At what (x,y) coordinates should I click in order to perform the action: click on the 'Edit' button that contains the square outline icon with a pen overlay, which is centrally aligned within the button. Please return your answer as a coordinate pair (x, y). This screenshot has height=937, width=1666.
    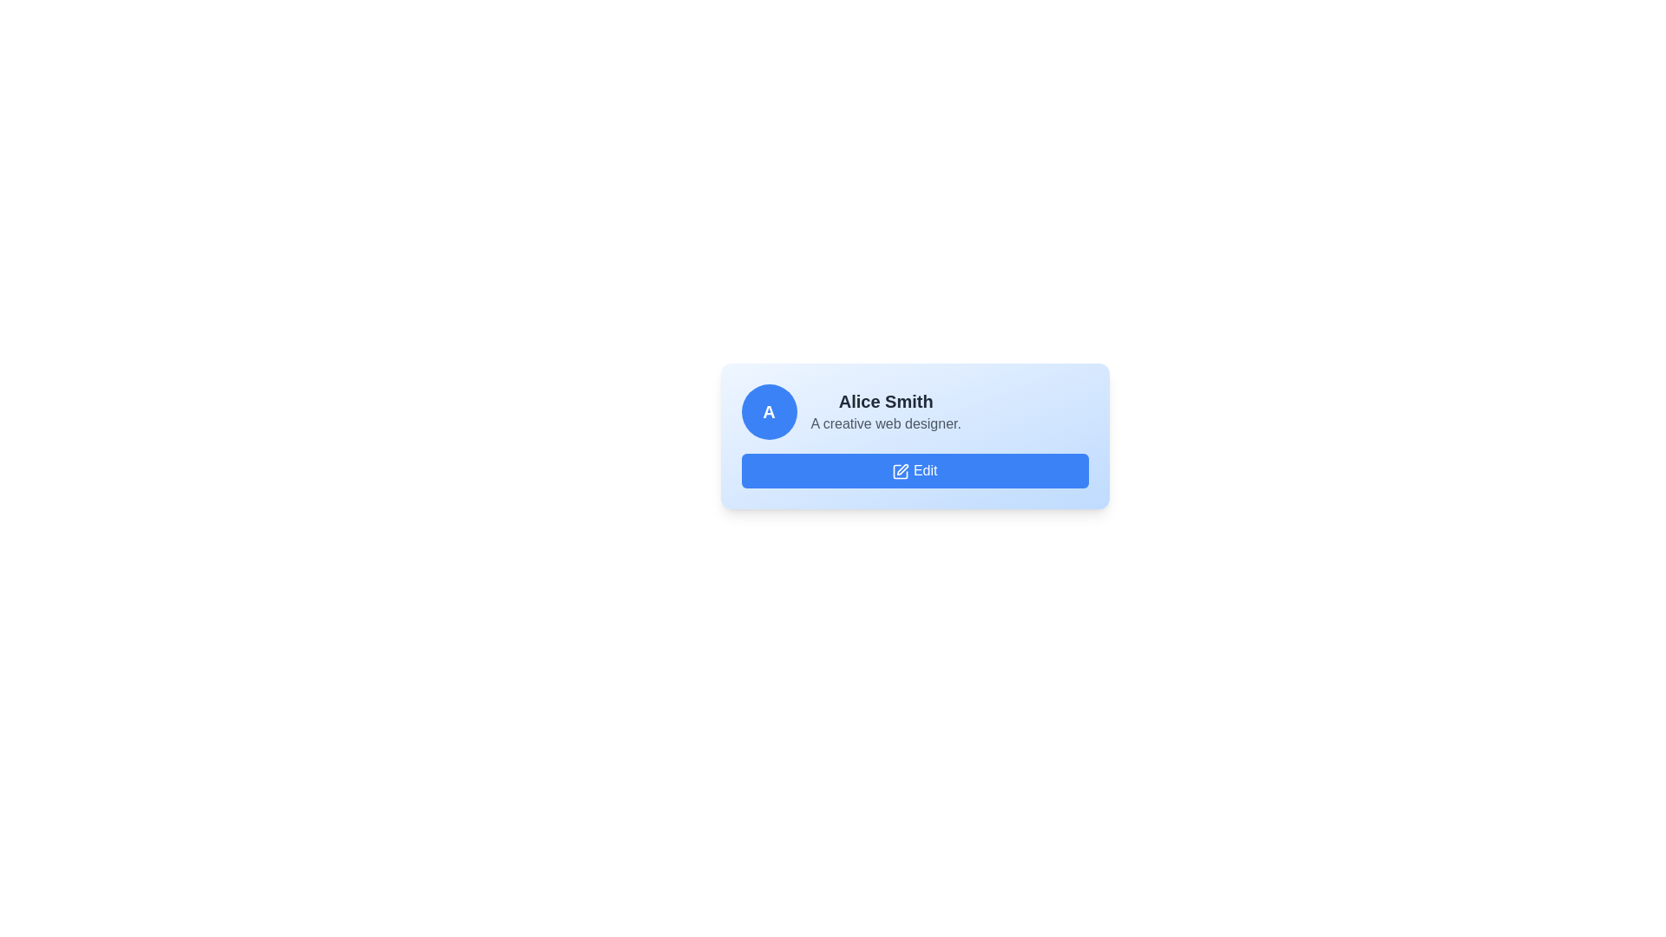
    Looking at the image, I should click on (901, 471).